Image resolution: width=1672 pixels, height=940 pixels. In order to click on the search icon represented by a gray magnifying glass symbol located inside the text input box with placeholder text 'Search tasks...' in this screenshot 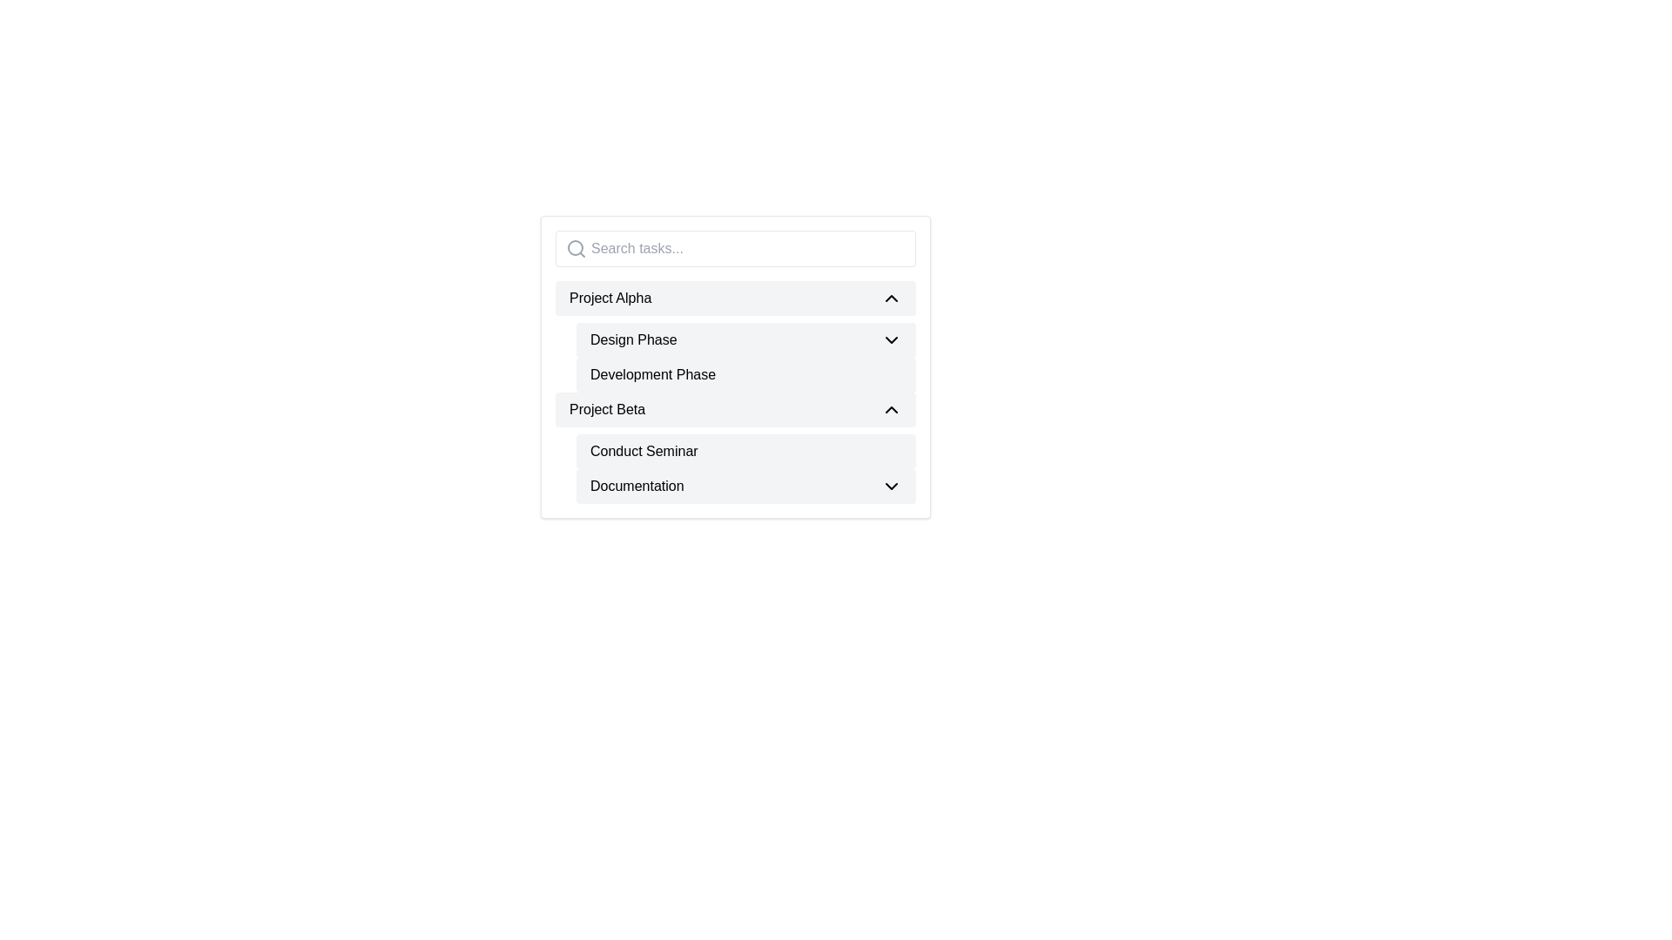, I will do `click(576, 248)`.